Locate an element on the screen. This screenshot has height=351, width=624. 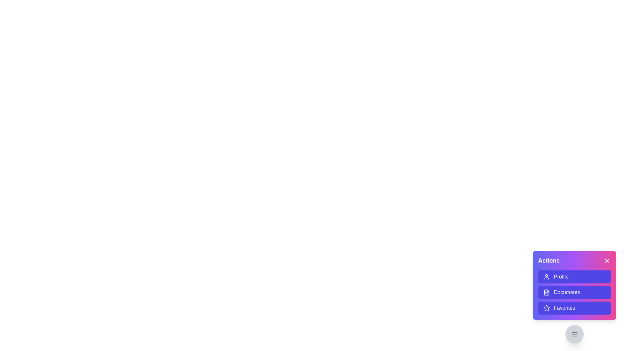
the 'Documents' button with a gradient purple background in the sidebar popup is located at coordinates (574, 292).